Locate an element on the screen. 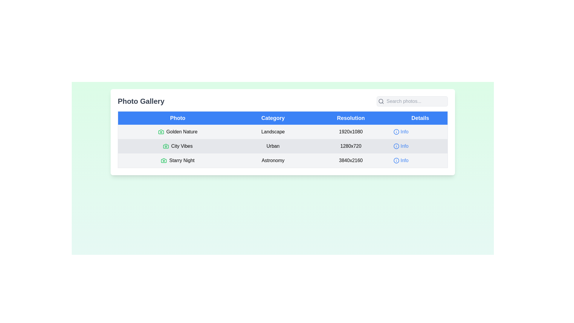 The height and width of the screenshot is (323, 574). the header label for the resolution column in the table, located between the 'Category' and 'Details' headers is located at coordinates (351, 118).